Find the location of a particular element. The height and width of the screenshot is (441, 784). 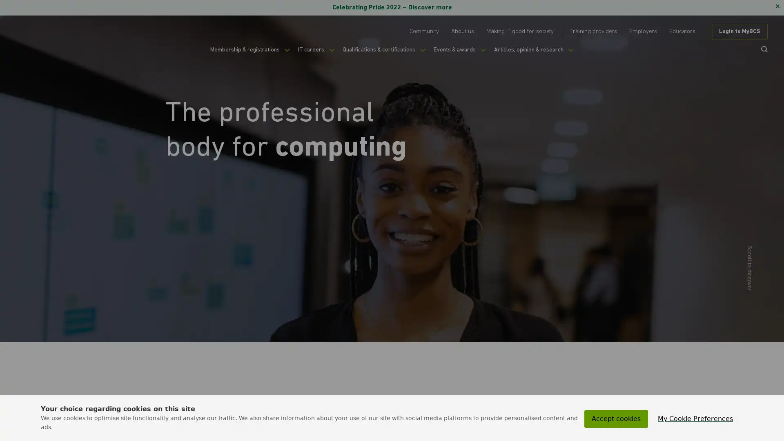

Close Cookie Control is located at coordinates (743, 414).